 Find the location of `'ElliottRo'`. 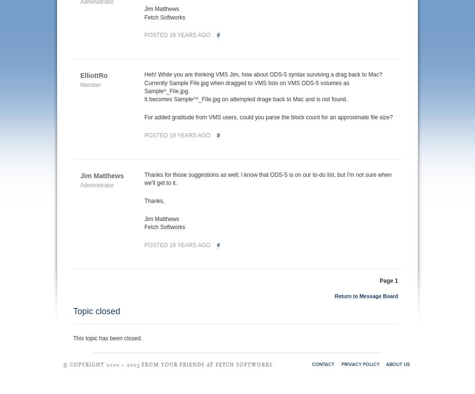

'ElliottRo' is located at coordinates (93, 76).